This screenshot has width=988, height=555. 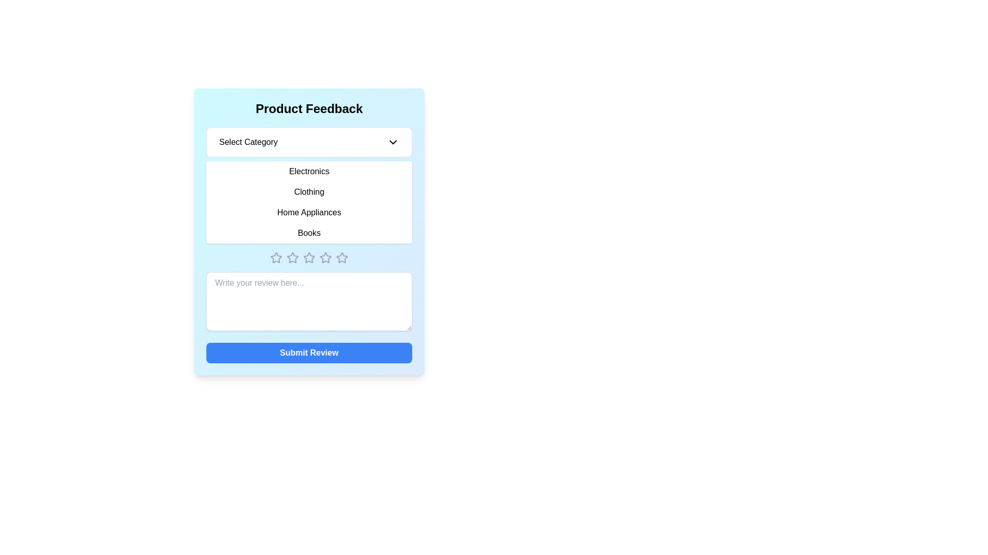 What do you see at coordinates (308, 171) in the screenshot?
I see `the non-interactive text label within the dropdown menu that indicates the first selectable category option, located directly below the 'Select Category' dropdown selector` at bounding box center [308, 171].